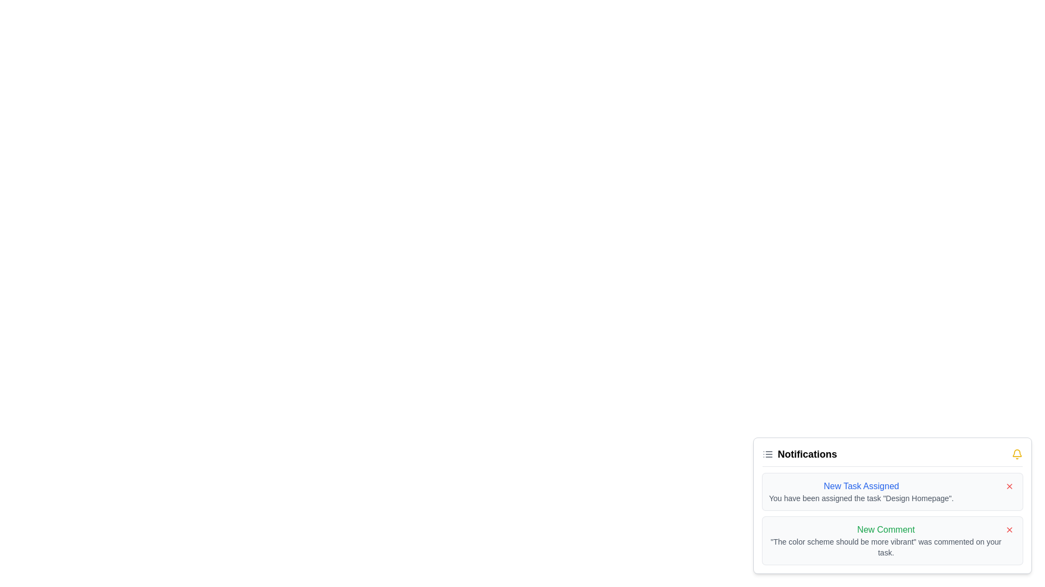 The height and width of the screenshot is (587, 1045). I want to click on the Text Display element that shows comments in the notification card, located beneath the green header labeled 'New Comment', so click(886, 547).